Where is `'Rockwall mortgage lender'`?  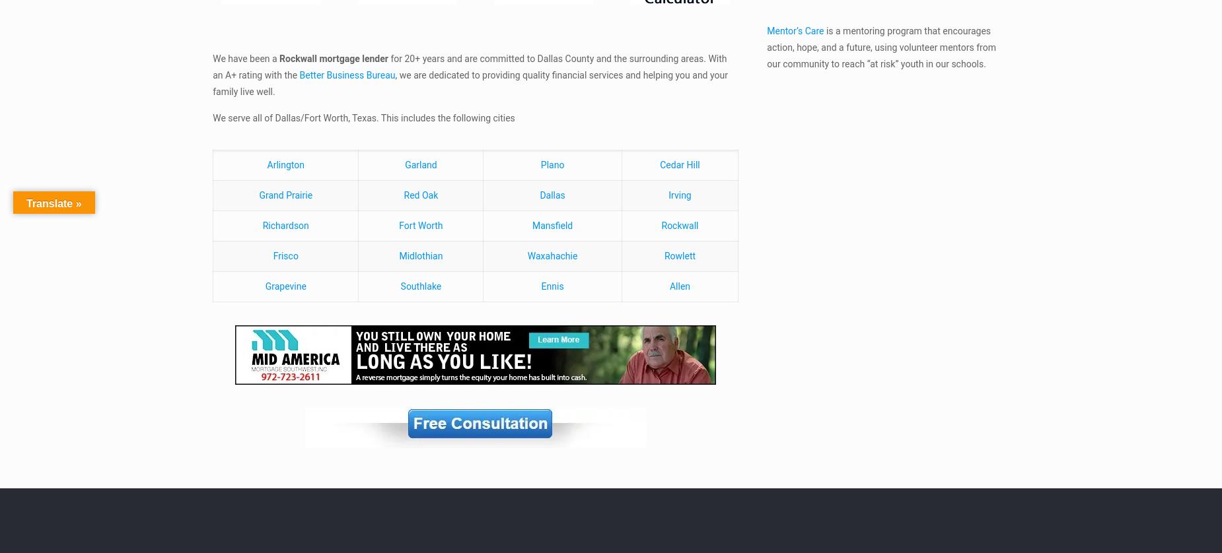 'Rockwall mortgage lender' is located at coordinates (334, 57).